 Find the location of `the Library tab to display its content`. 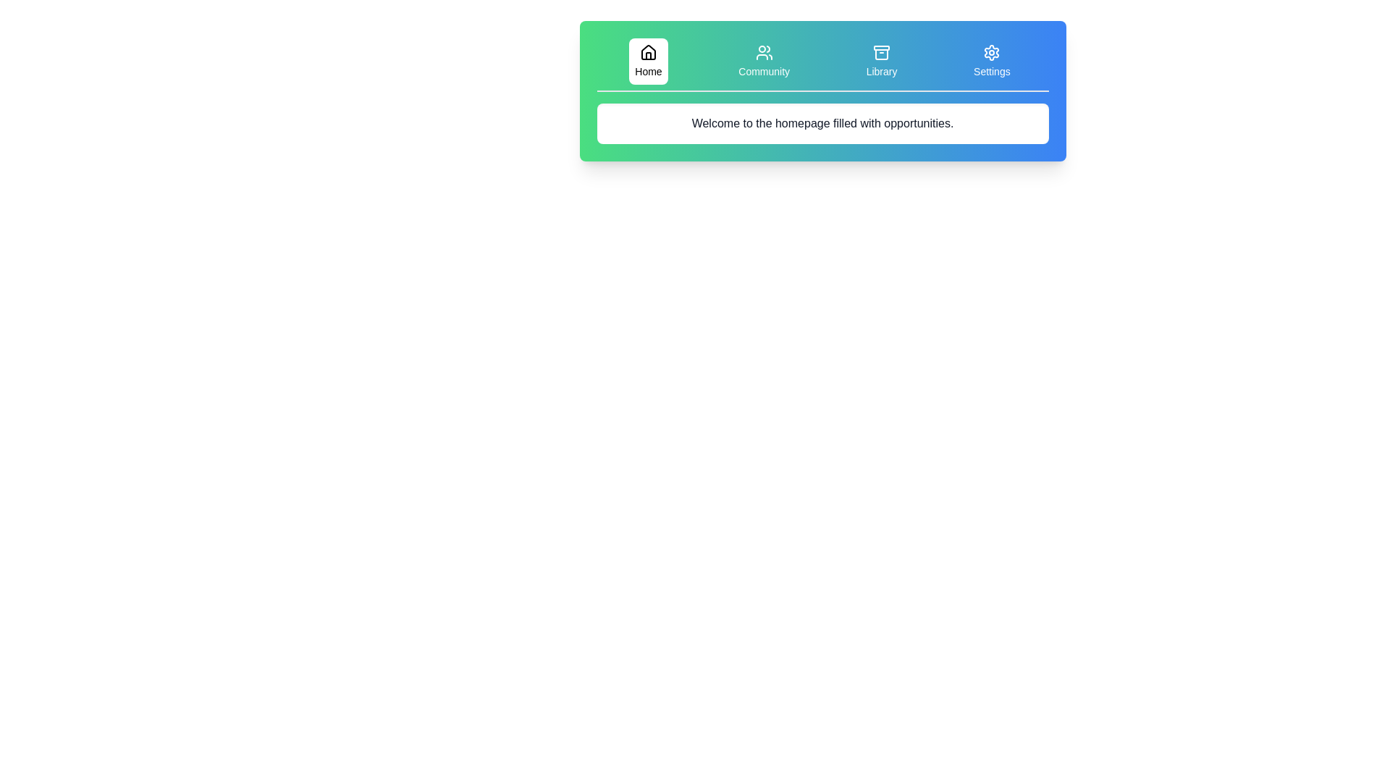

the Library tab to display its content is located at coordinates (881, 60).